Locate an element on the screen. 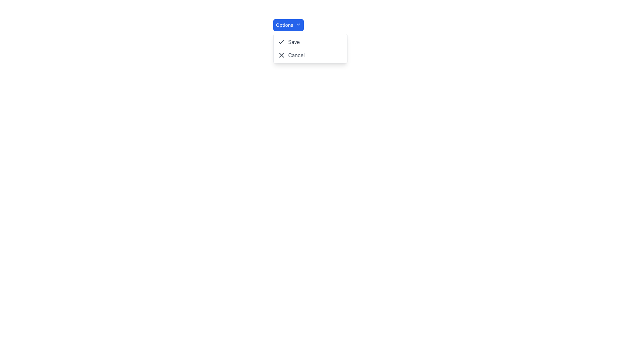 This screenshot has height=357, width=636. the 'Cancel' text label displayed in gray color within the dropdown menu, which is positioned to the right of an icon and below the 'Save' option is located at coordinates (296, 55).